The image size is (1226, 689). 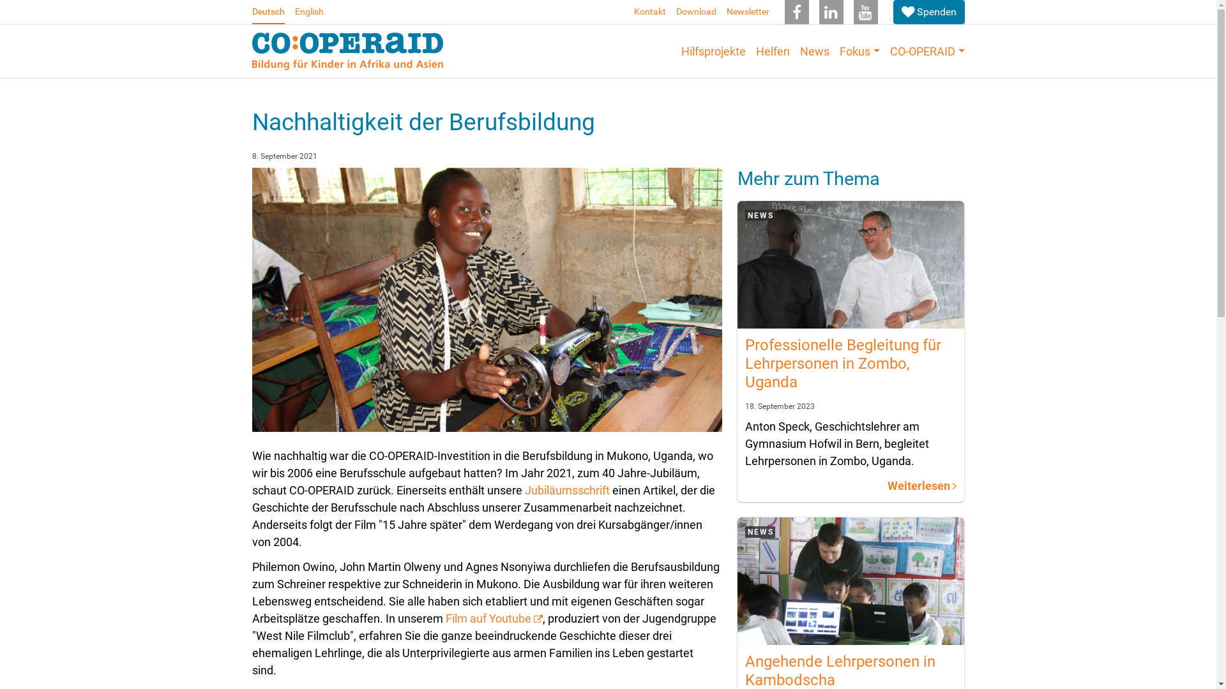 What do you see at coordinates (309, 12) in the screenshot?
I see `'English'` at bounding box center [309, 12].